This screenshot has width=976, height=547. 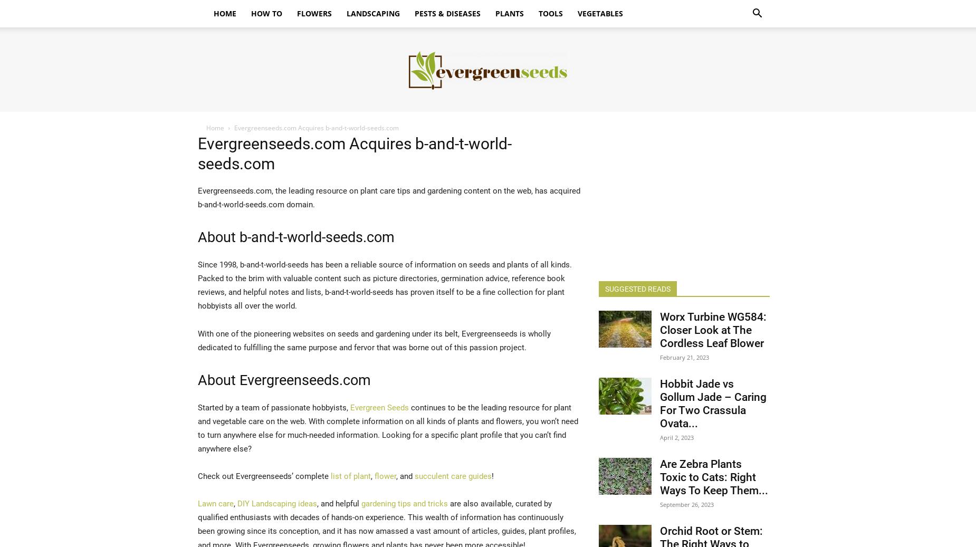 What do you see at coordinates (350, 476) in the screenshot?
I see `'list of plant'` at bounding box center [350, 476].